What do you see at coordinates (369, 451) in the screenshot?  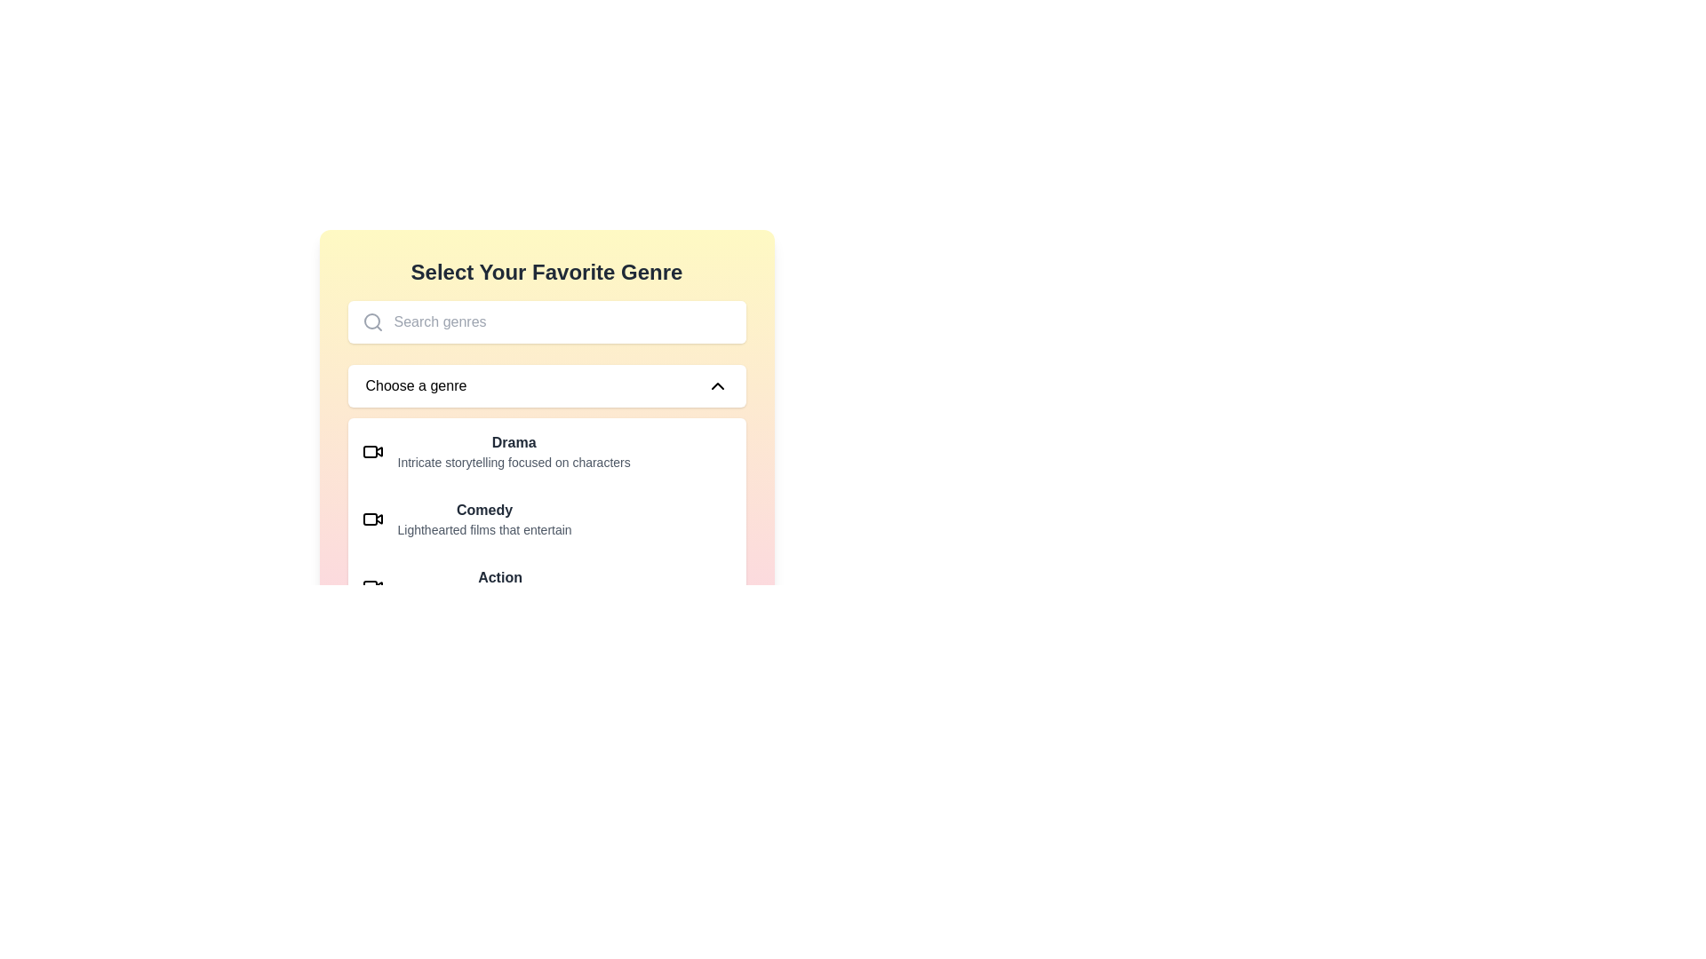 I see `the empty rectangular SVG element located within the 'Drama' item of the genre selection interface` at bounding box center [369, 451].